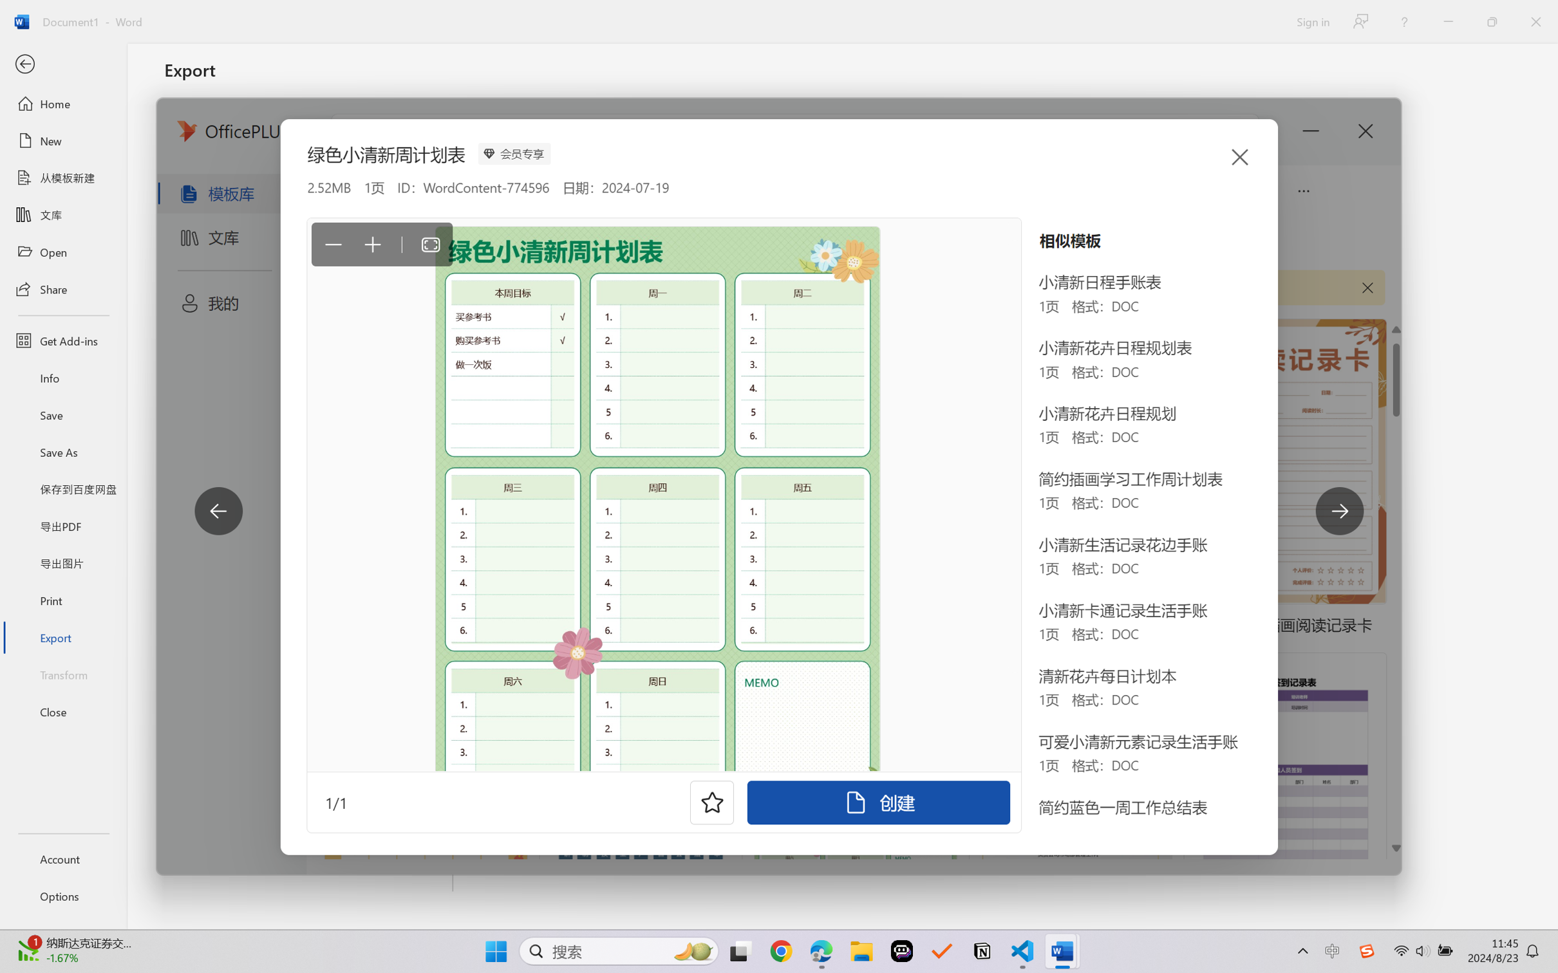 The width and height of the screenshot is (1558, 973). What do you see at coordinates (62, 858) in the screenshot?
I see `'Account'` at bounding box center [62, 858].